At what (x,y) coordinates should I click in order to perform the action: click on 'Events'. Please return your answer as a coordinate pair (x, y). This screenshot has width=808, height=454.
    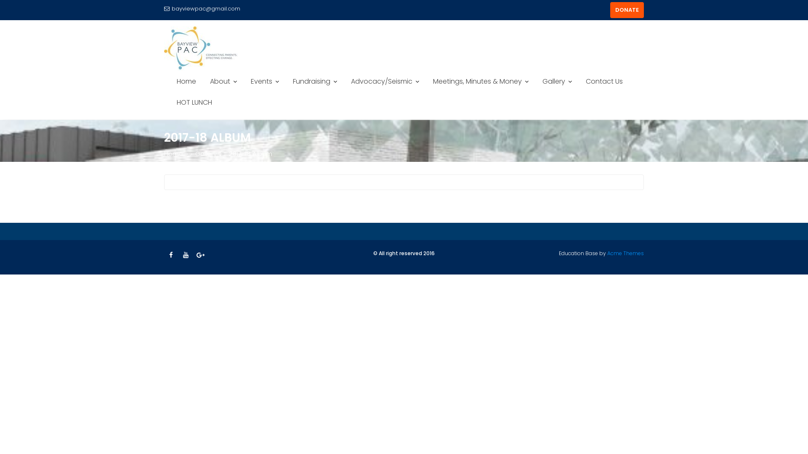
    Looking at the image, I should click on (244, 81).